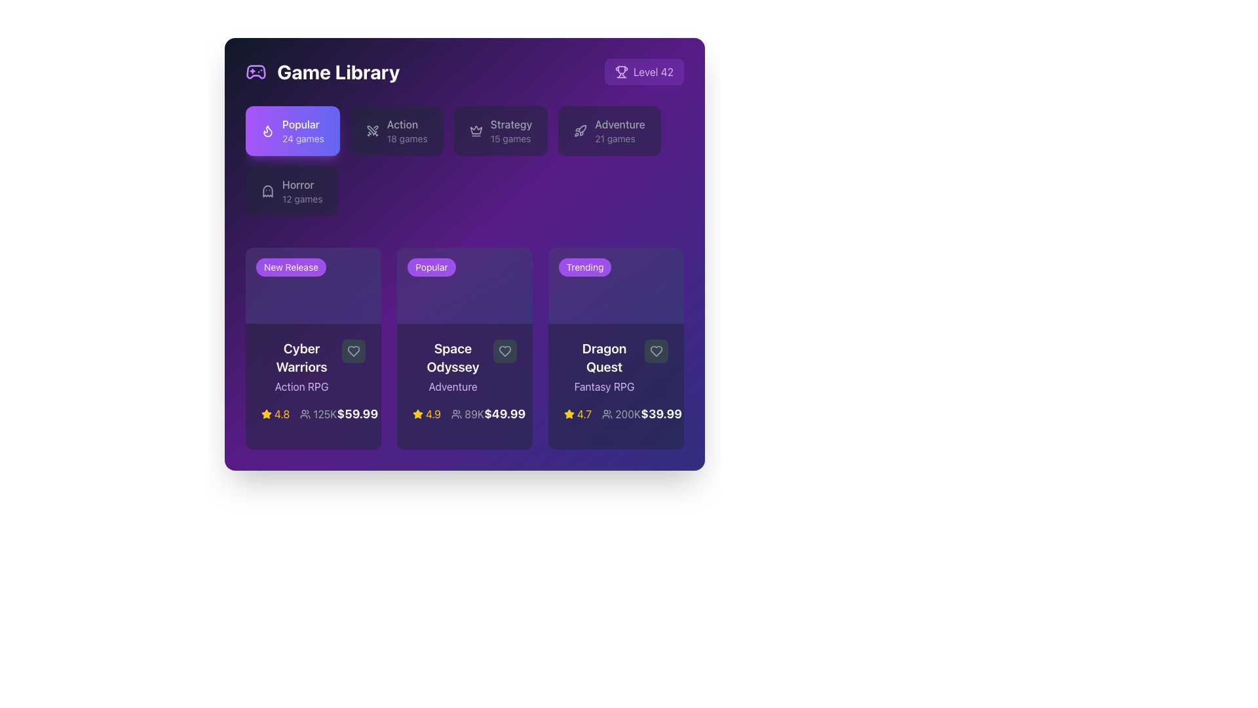 The image size is (1258, 708). Describe the element at coordinates (301, 367) in the screenshot. I see `title and category descriptor text label for the game 'Cyber Warriors' located in the top-left corner of the second row of the card grid in the 'Popular' pane` at that location.